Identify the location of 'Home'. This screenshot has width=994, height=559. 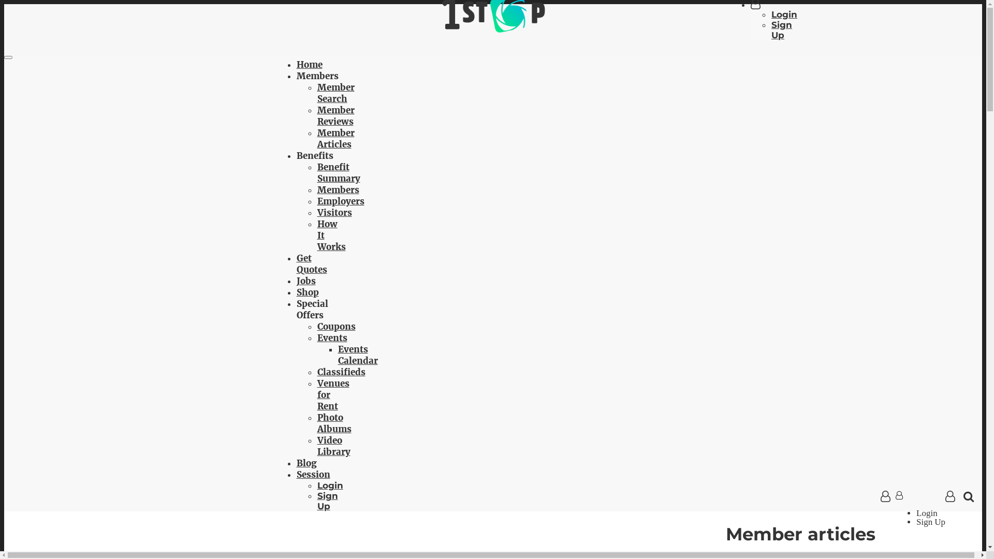
(295, 64).